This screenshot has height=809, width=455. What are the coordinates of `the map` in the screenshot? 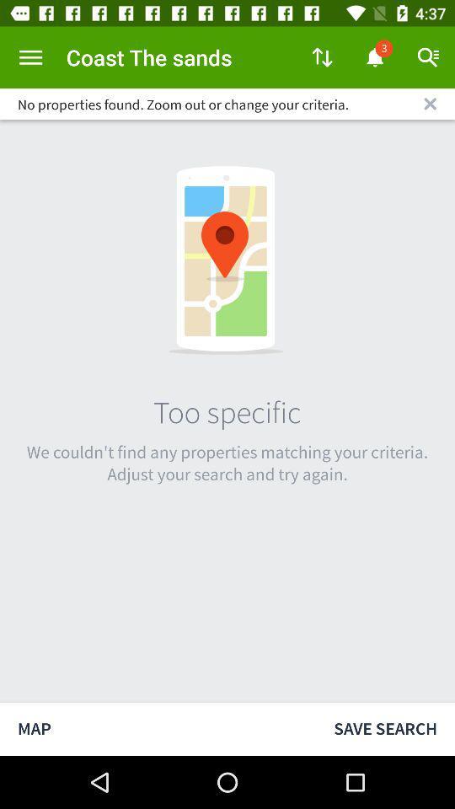 It's located at (158, 728).